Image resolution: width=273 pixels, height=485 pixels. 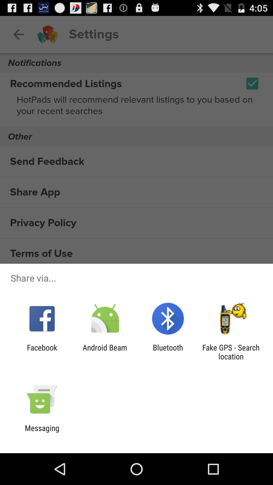 What do you see at coordinates (168, 352) in the screenshot?
I see `item next to android beam icon` at bounding box center [168, 352].